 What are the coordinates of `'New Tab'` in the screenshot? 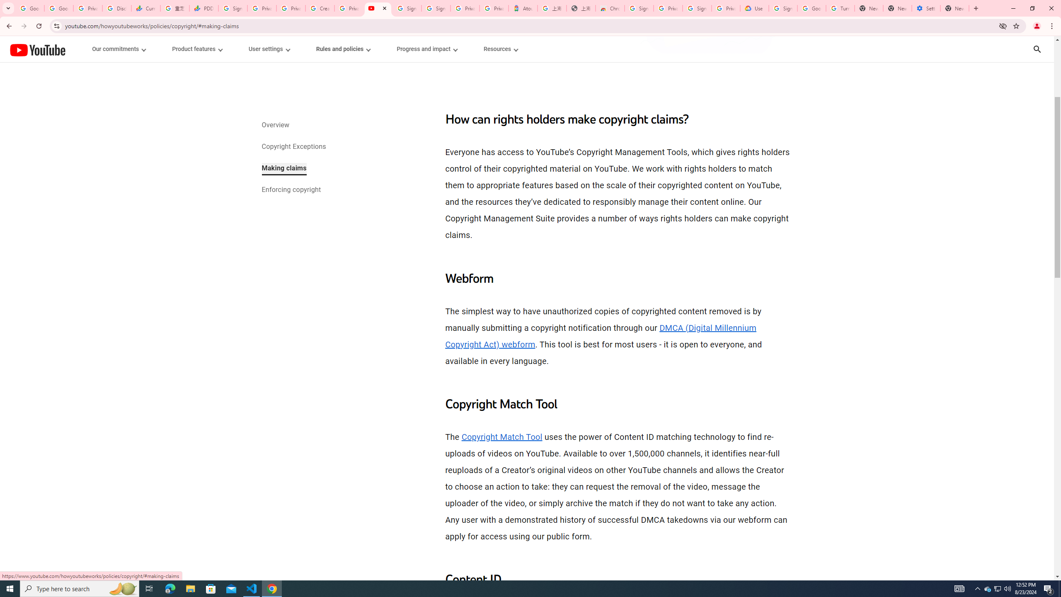 It's located at (954, 8).